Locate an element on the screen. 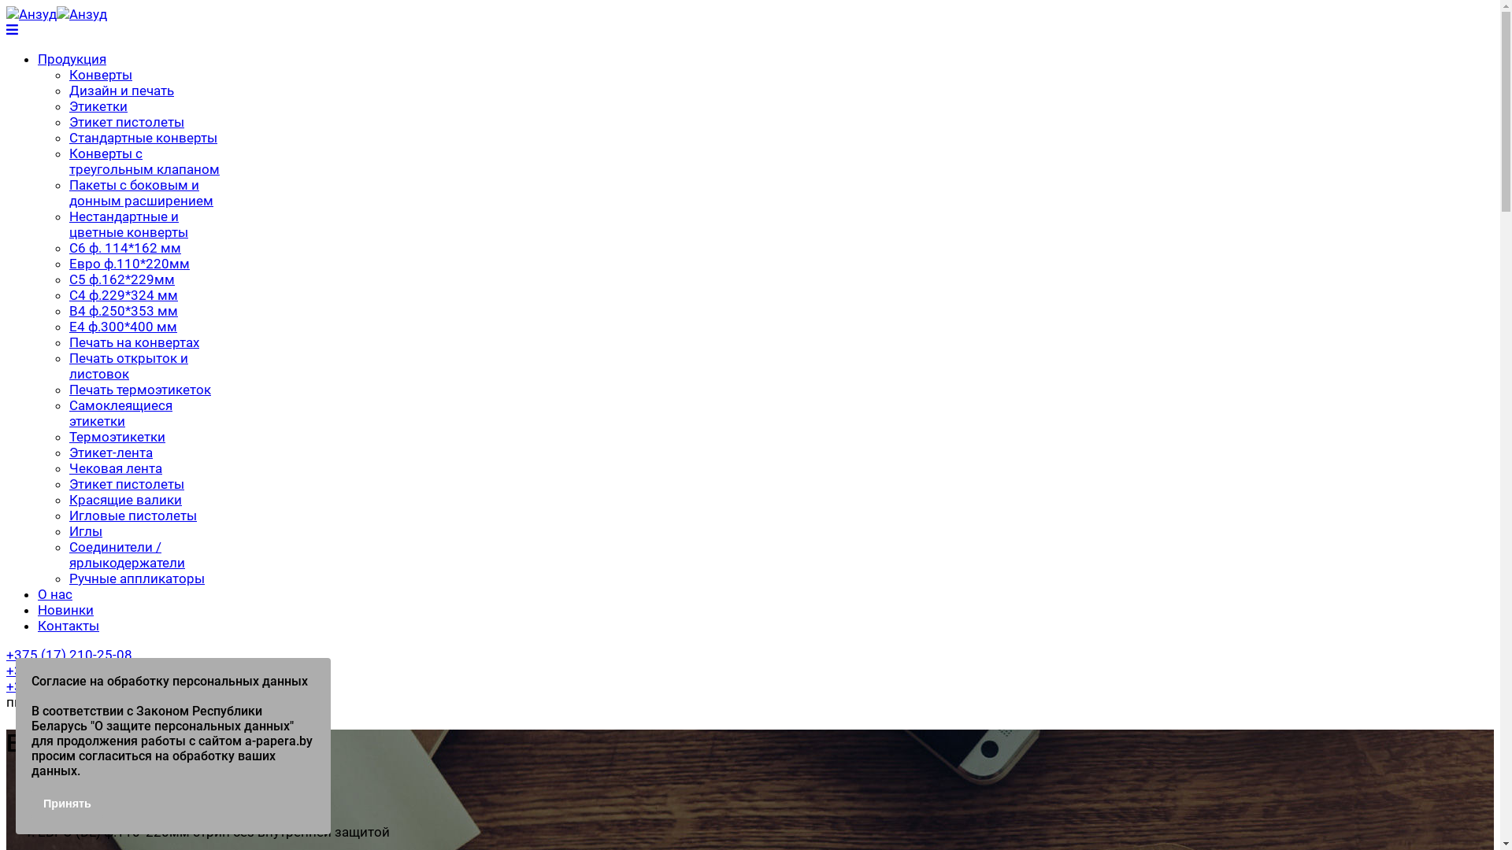 The width and height of the screenshot is (1512, 850). '+375 (17) 210-25-08' is located at coordinates (68, 655).